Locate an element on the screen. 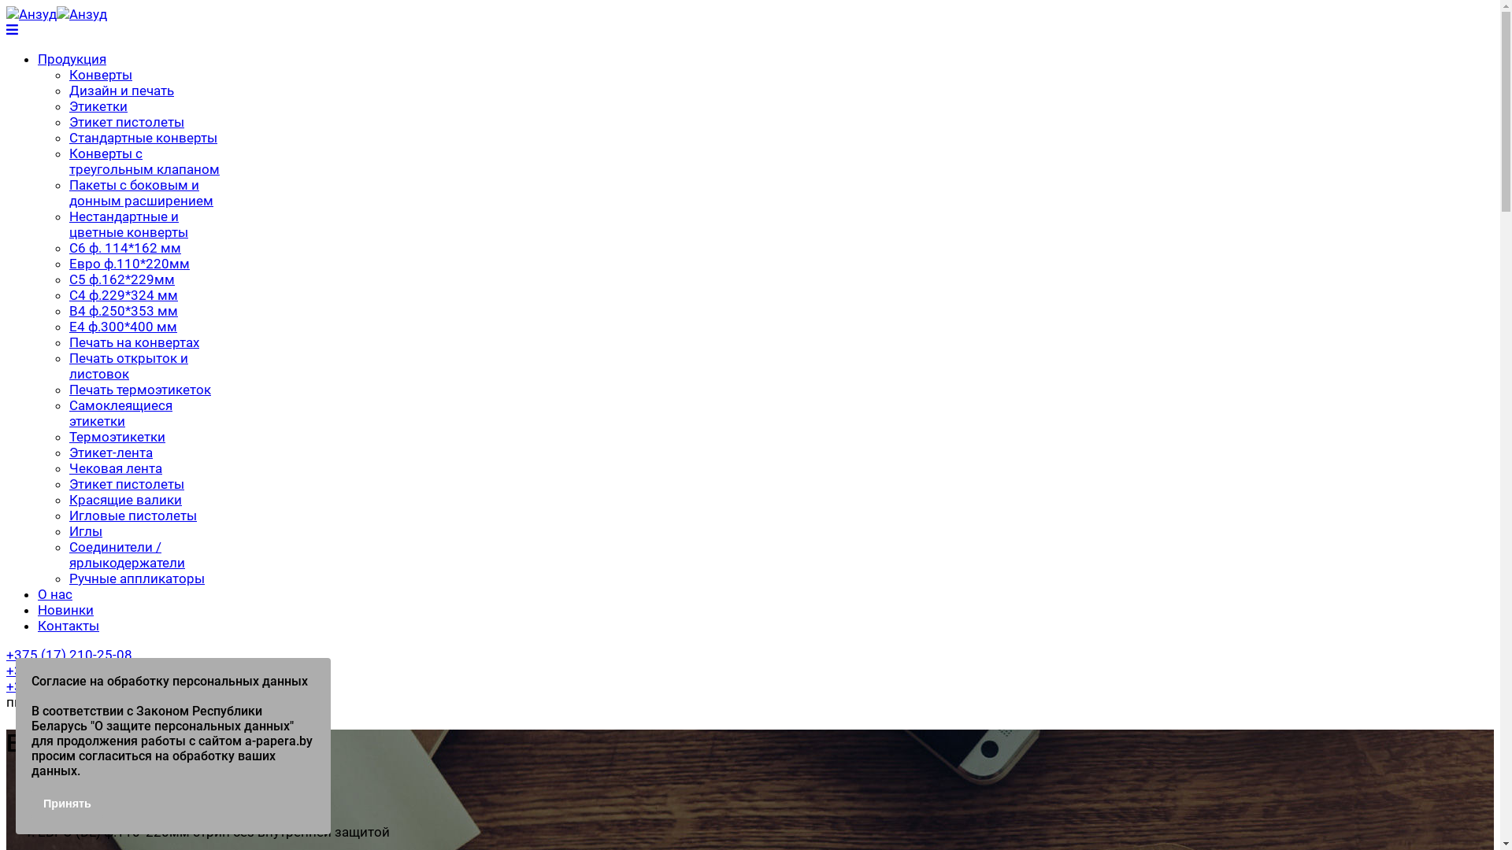 The width and height of the screenshot is (1512, 850). '+375 (17) 210-25-08' is located at coordinates (68, 655).